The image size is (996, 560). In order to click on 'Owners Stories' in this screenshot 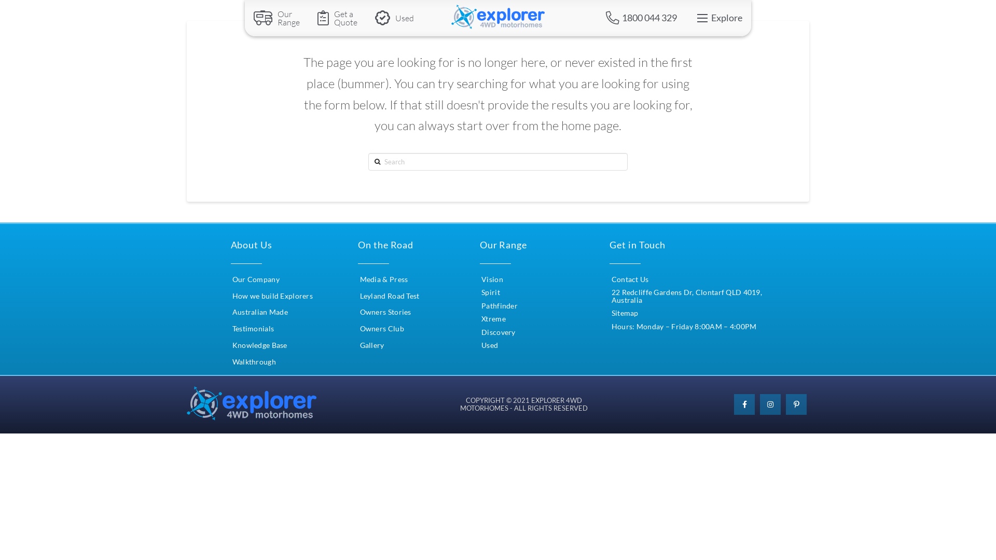, I will do `click(385, 312)`.